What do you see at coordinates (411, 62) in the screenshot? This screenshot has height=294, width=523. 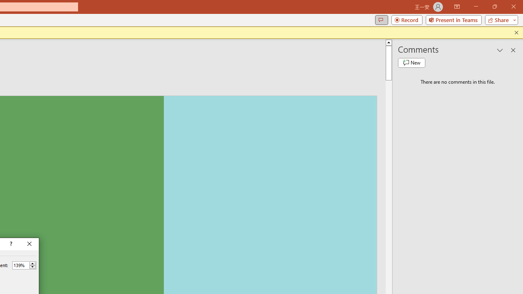 I see `'New comment'` at bounding box center [411, 62].